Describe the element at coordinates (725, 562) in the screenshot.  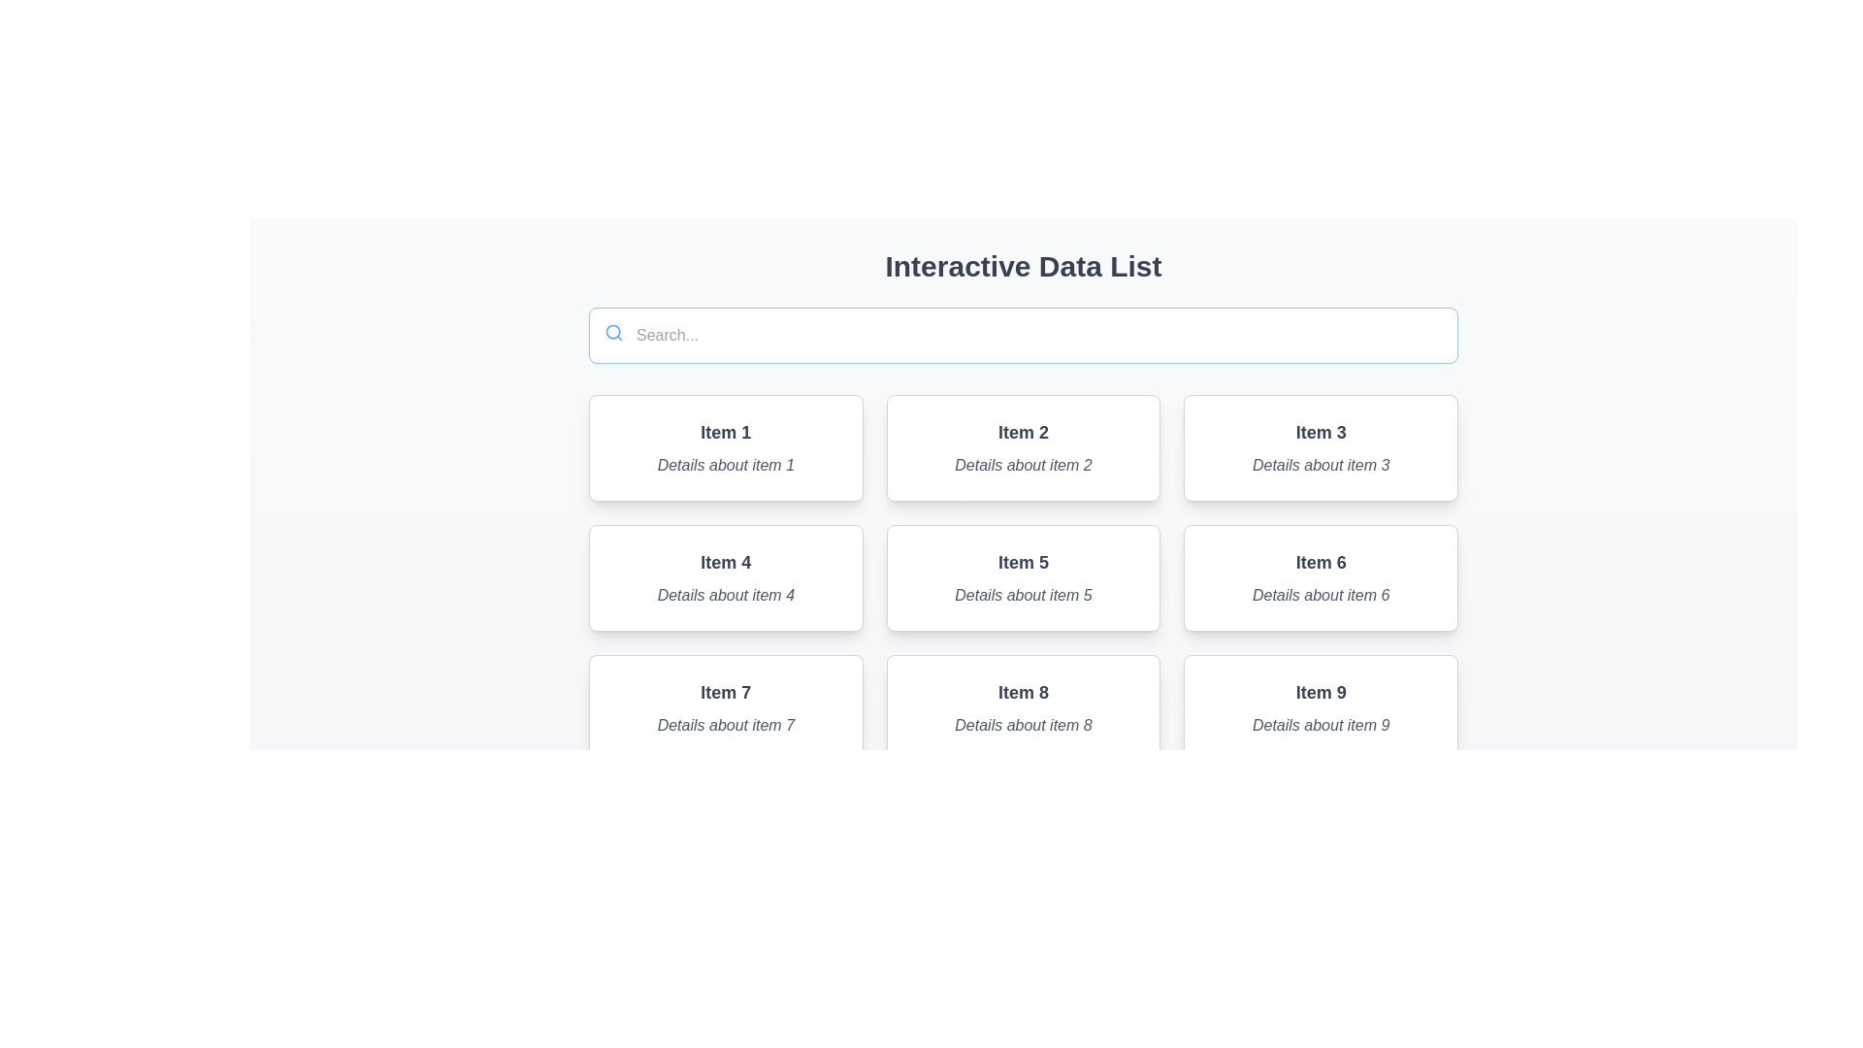
I see `the text label 'Item 4' which is styled with a large and bold font in dark gray color, located in the first card of the second row of a 3x3 grid layout` at that location.